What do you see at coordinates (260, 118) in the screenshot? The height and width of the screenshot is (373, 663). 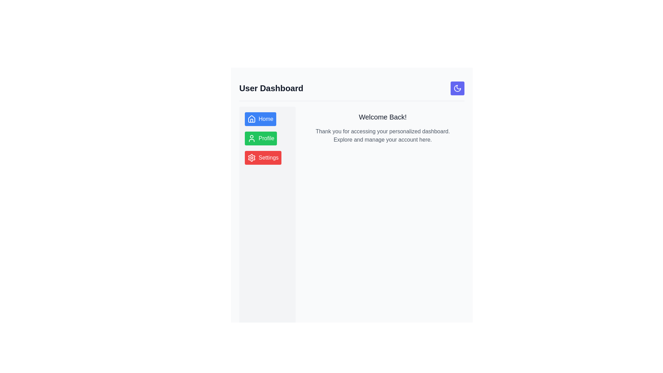 I see `the 'Home' button located at the top of the vertical button list on the left side of the interface` at bounding box center [260, 118].